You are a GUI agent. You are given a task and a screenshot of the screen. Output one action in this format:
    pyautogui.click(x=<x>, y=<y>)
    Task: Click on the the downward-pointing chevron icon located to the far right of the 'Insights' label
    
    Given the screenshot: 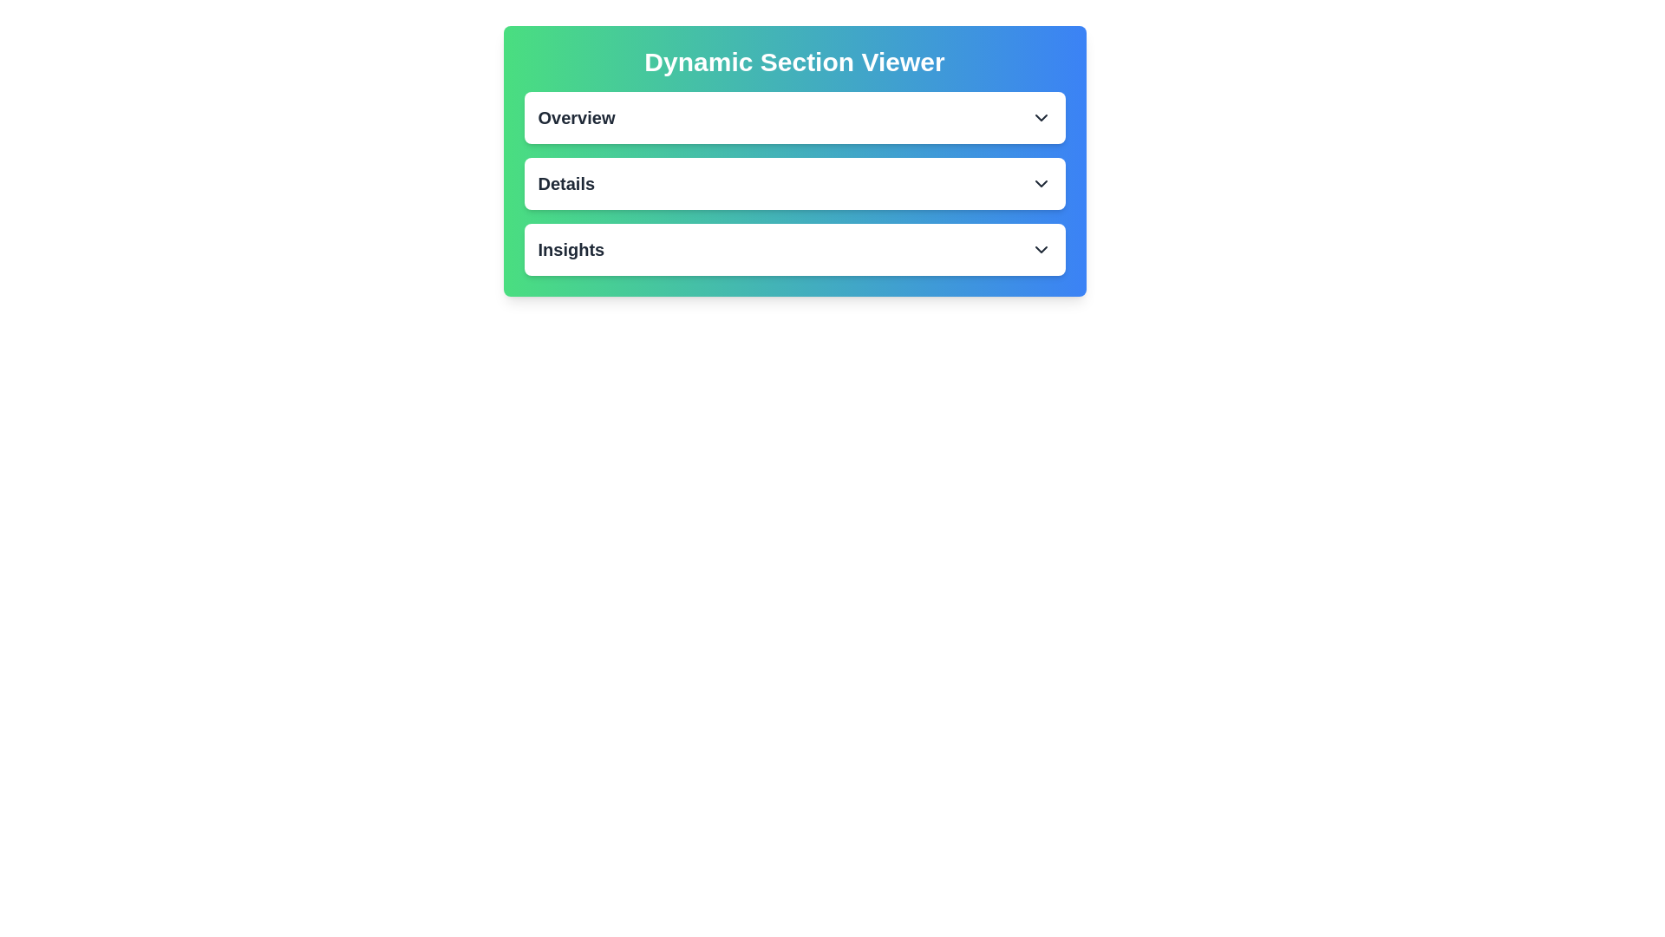 What is the action you would take?
    pyautogui.click(x=1041, y=250)
    